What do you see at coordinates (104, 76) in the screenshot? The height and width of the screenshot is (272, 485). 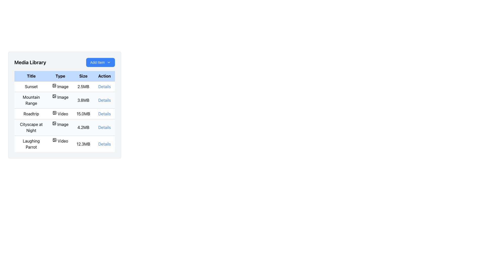 I see `the 'Action' column header in the data table, which is the fourth column header located at the rightmost portion of the header row, directly after the 'Size' column` at bounding box center [104, 76].